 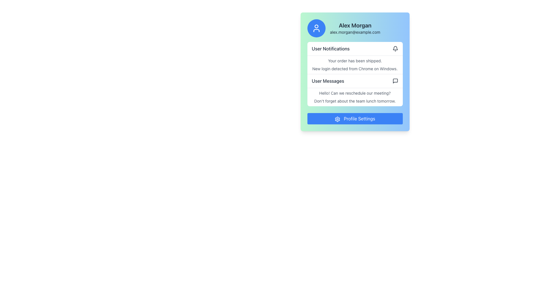 What do you see at coordinates (355, 101) in the screenshot?
I see `line of text that says "Don't forget about the team lunch tomorrow." located in the 'User Messages' section below the message "Hello! Can we reschedule our meeting?" and above the 'Profile Settings' button` at bounding box center [355, 101].